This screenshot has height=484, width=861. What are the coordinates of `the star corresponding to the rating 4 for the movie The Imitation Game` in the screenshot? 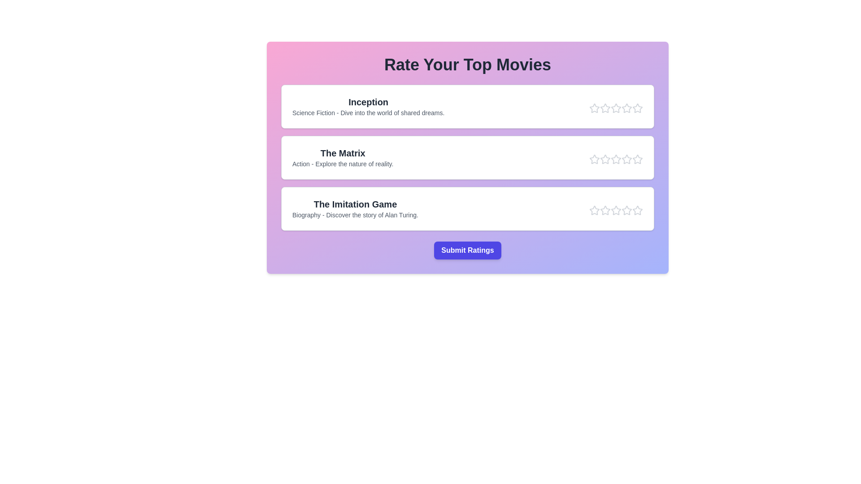 It's located at (626, 211).